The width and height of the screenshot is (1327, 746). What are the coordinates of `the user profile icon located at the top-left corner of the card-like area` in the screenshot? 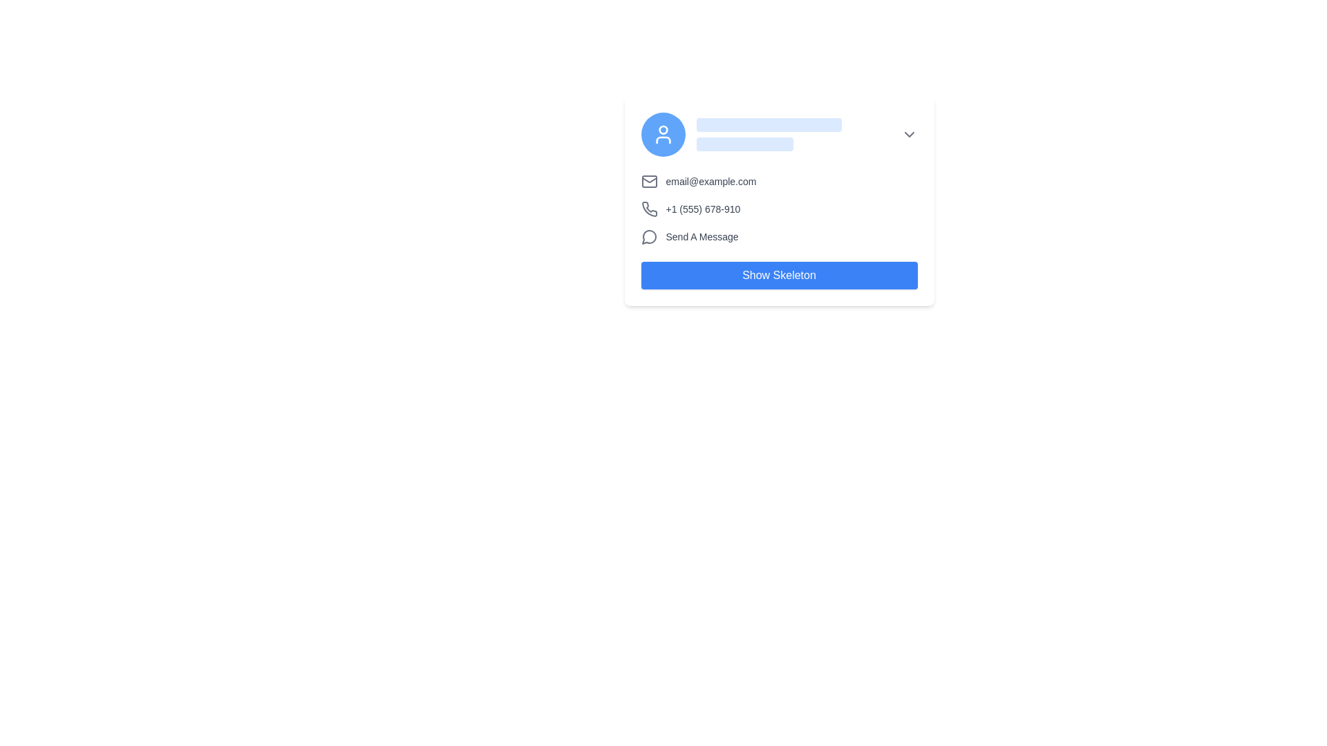 It's located at (662, 135).